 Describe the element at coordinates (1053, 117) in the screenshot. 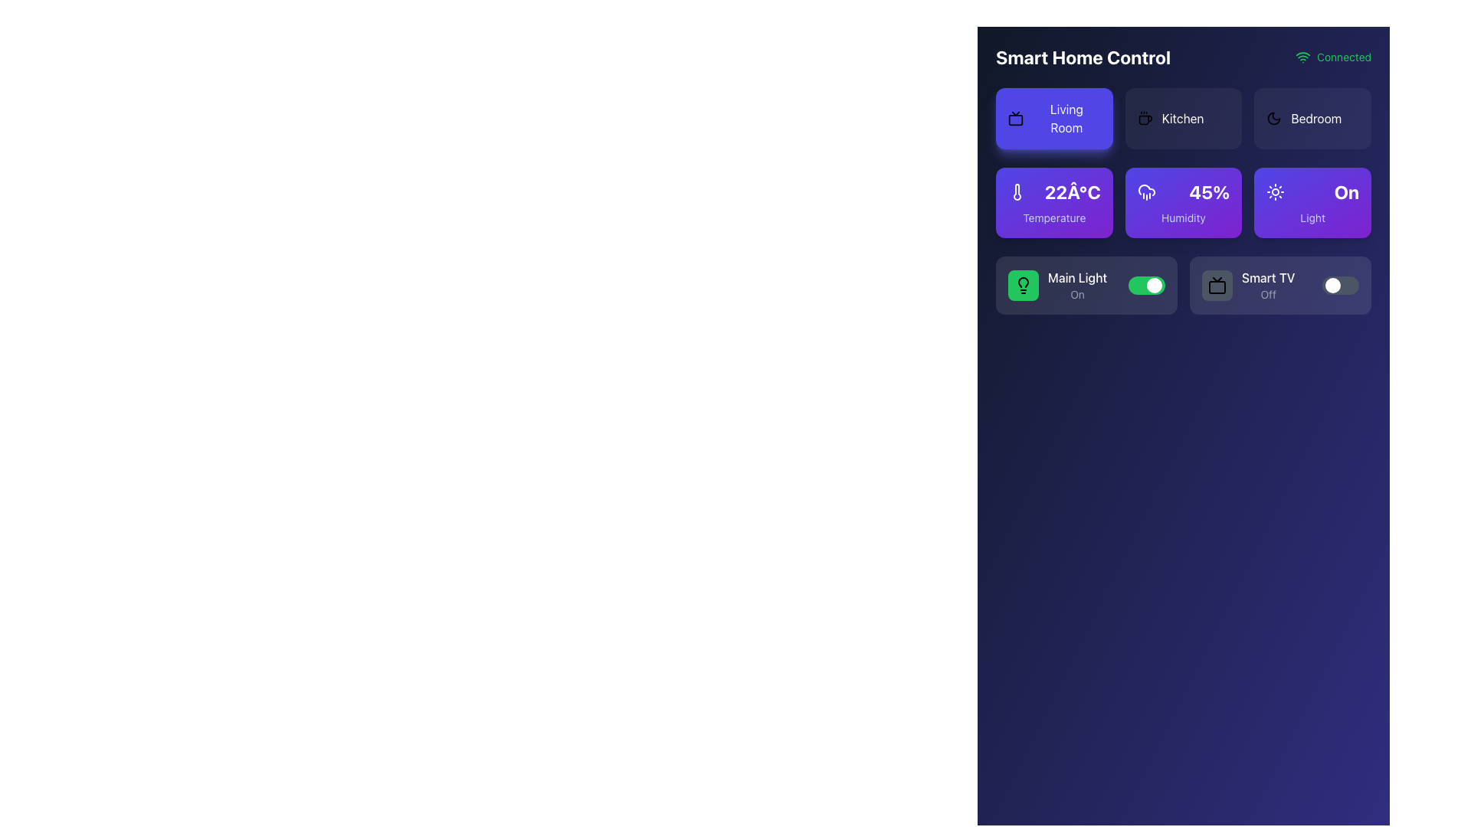

I see `the 'Living Room' button, which is the first card in a row of three cards located at the top left corner` at that location.